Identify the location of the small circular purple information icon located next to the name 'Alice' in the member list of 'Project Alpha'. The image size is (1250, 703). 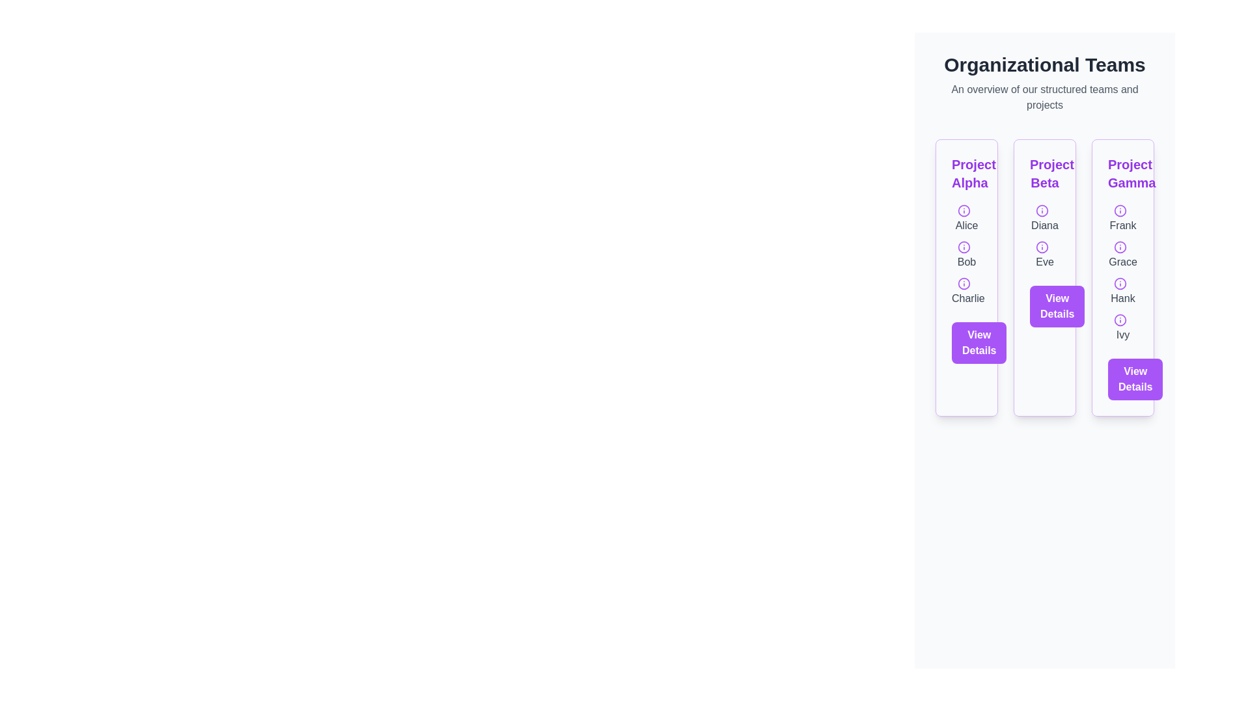
(964, 210).